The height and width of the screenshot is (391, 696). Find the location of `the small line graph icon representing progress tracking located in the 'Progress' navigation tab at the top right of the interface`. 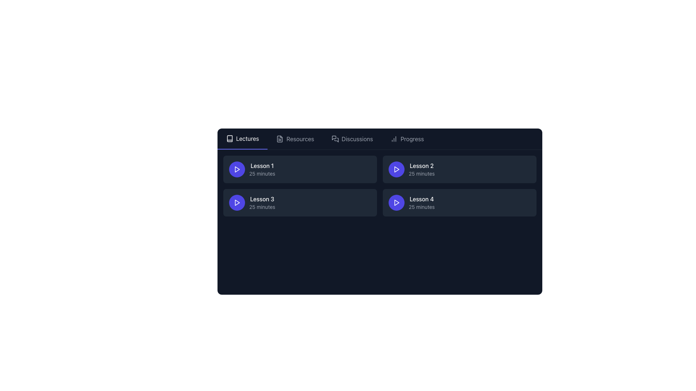

the small line graph icon representing progress tracking located in the 'Progress' navigation tab at the top right of the interface is located at coordinates (394, 139).